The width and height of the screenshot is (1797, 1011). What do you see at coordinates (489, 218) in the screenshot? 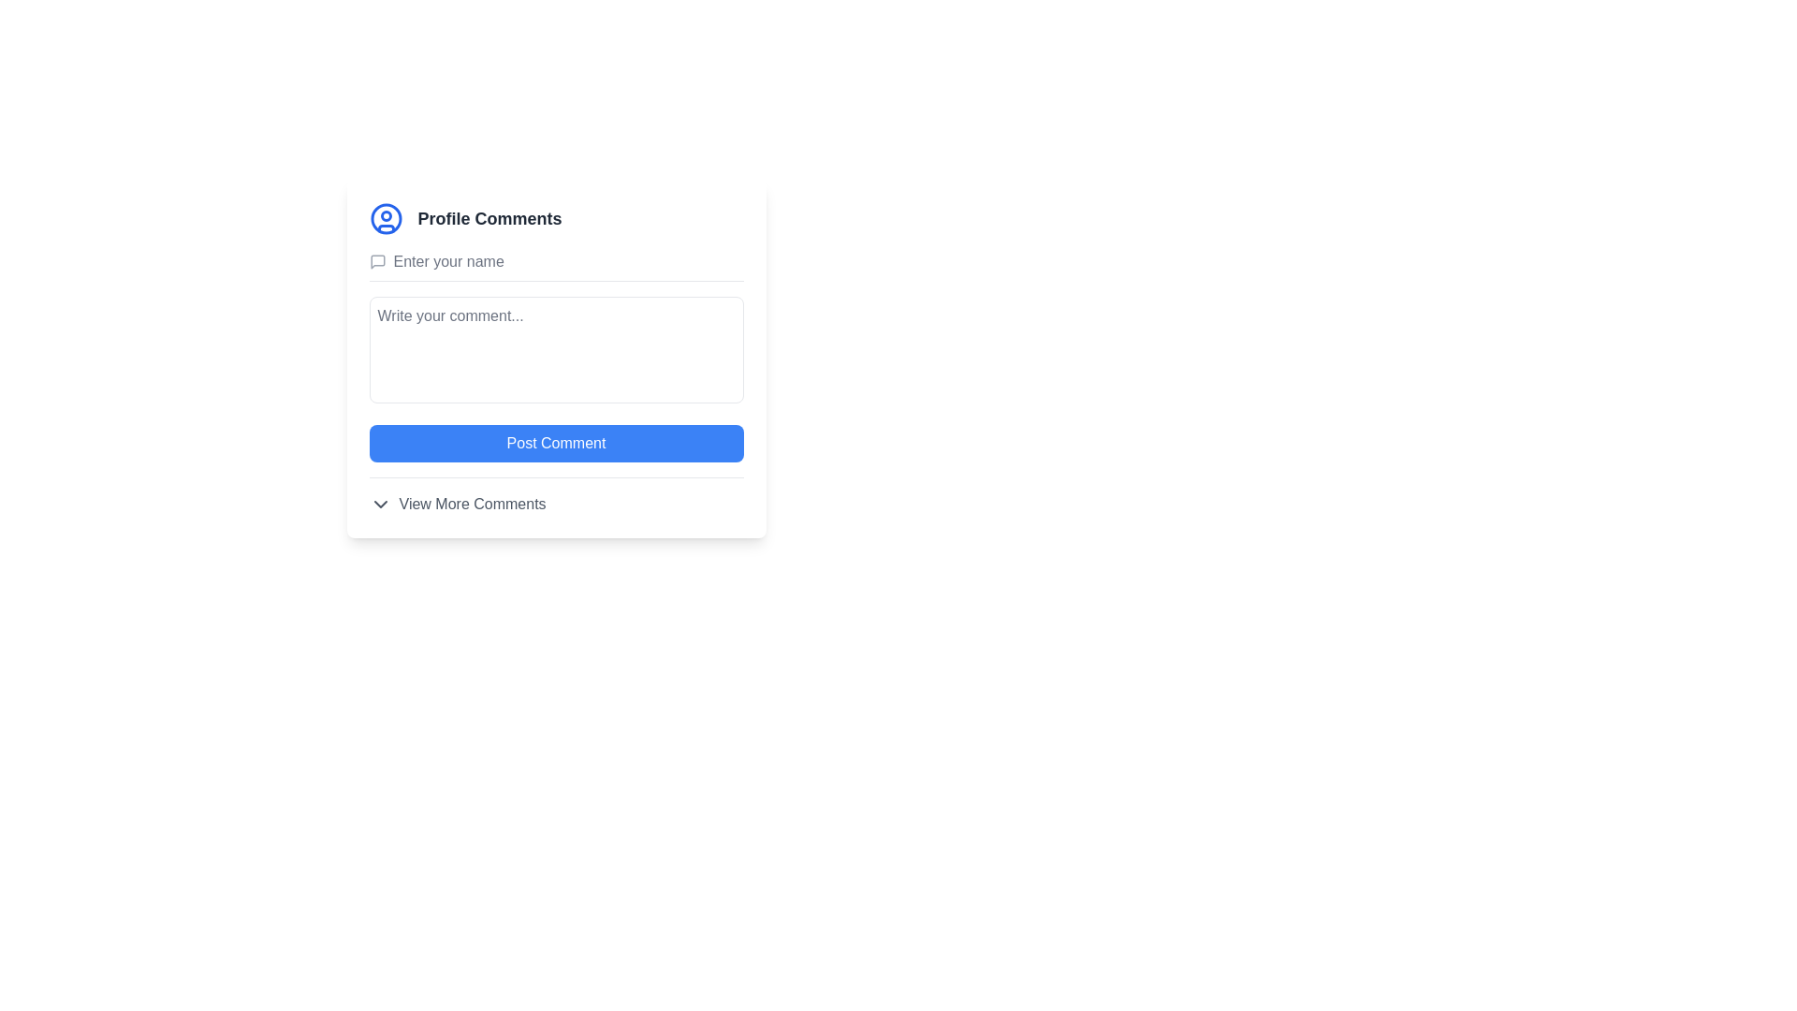
I see `the text label that serves as a header for the user comments section, positioned to the right of a blue circular user icon and above the form input box` at bounding box center [489, 218].